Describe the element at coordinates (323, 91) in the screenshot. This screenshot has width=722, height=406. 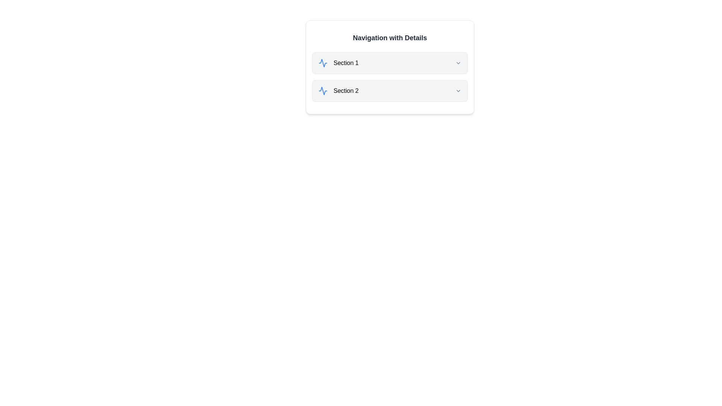
I see `the Icon (SVG graphic) that visually represents the 'Section 1' content, located to the left of the text 'Section 1' in the navigation panel` at that location.